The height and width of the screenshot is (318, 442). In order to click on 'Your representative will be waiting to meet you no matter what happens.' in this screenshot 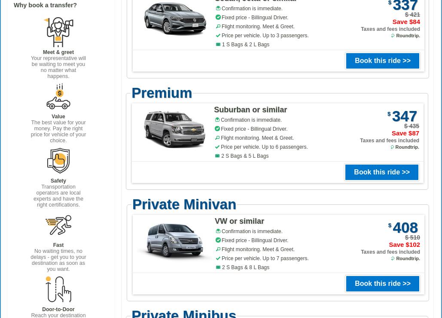, I will do `click(30, 67)`.